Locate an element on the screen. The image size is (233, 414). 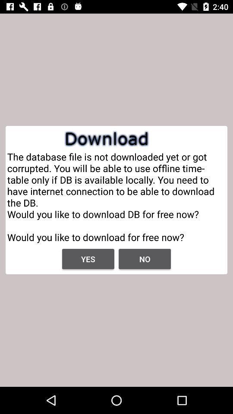
the item to the left of no button is located at coordinates (88, 259).